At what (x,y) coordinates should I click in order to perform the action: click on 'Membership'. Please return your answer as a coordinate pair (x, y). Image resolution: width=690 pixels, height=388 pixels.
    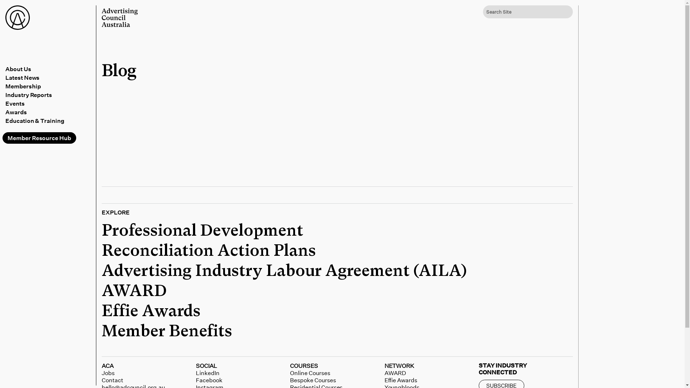
    Looking at the image, I should click on (49, 86).